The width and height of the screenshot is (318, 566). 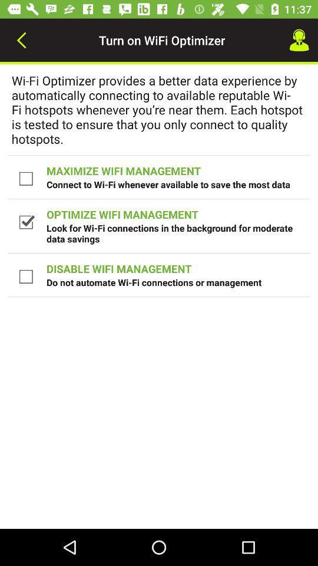 I want to click on the item to the left of the turn on wifi item, so click(x=21, y=40).